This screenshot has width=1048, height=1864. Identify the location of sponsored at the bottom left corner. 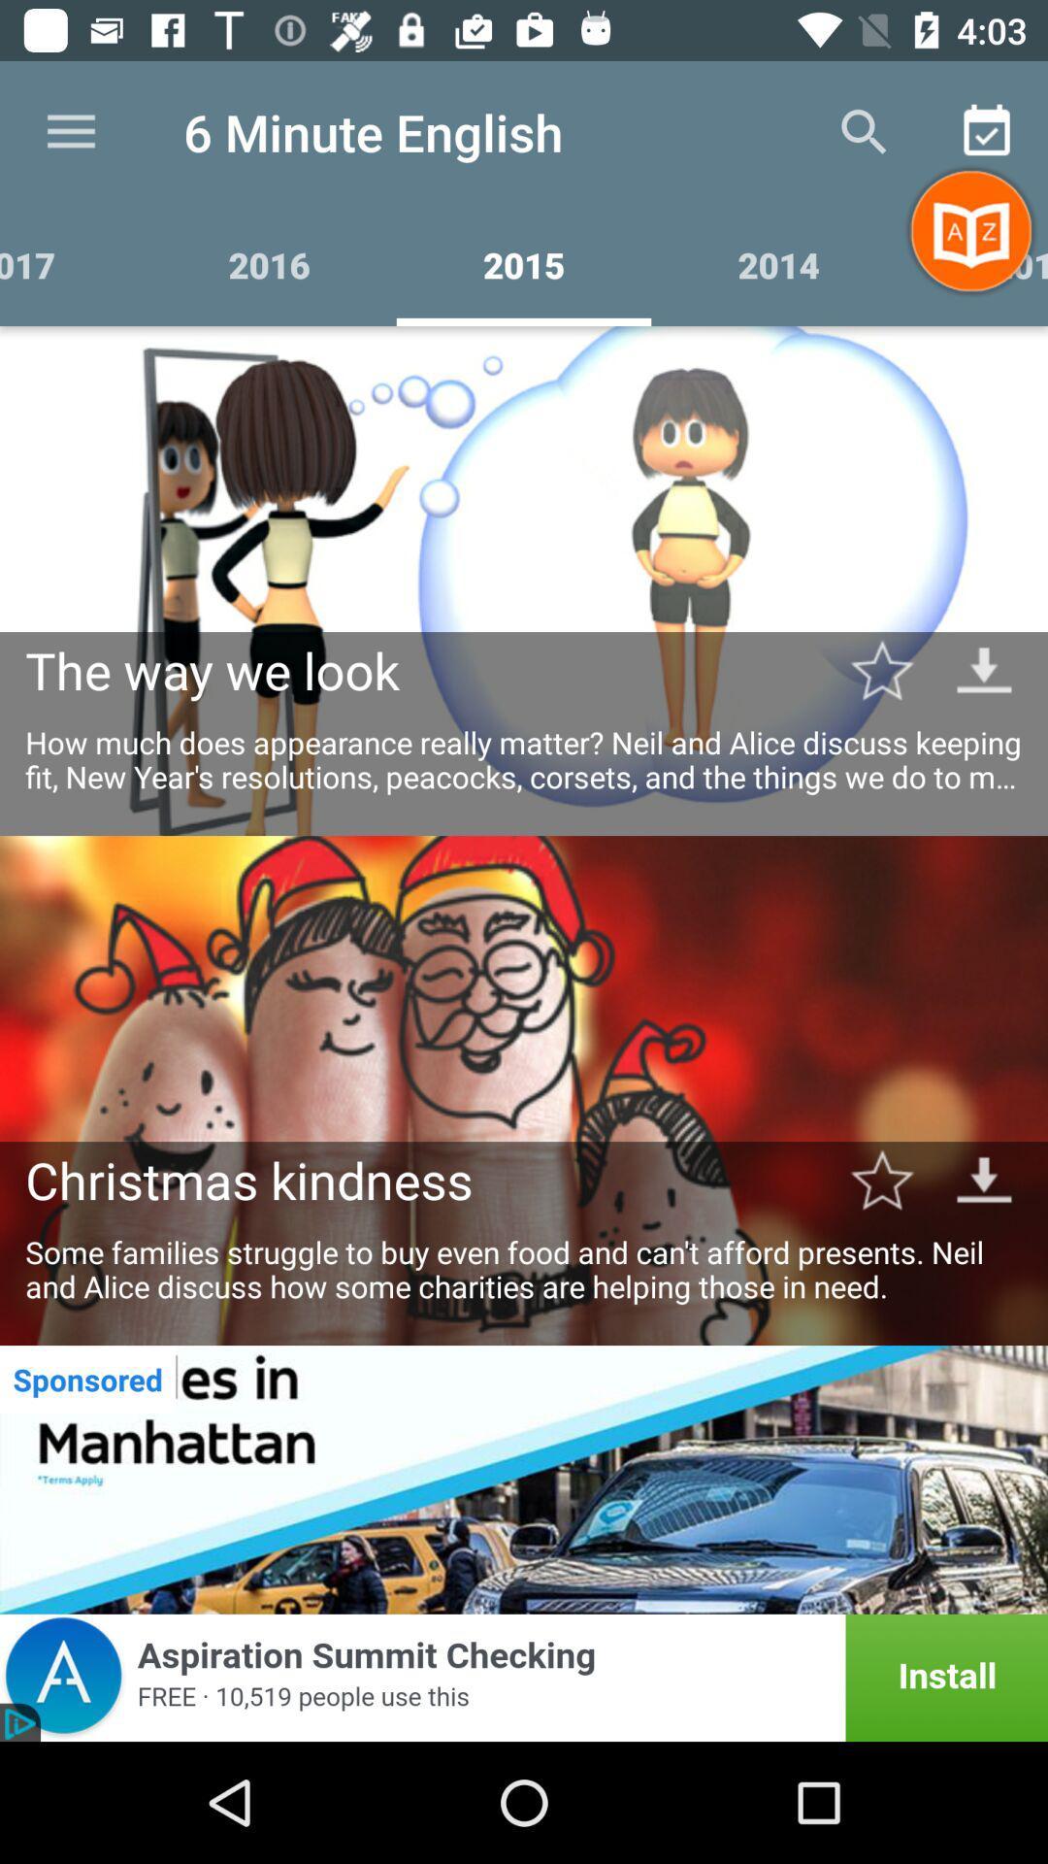
(87, 1378).